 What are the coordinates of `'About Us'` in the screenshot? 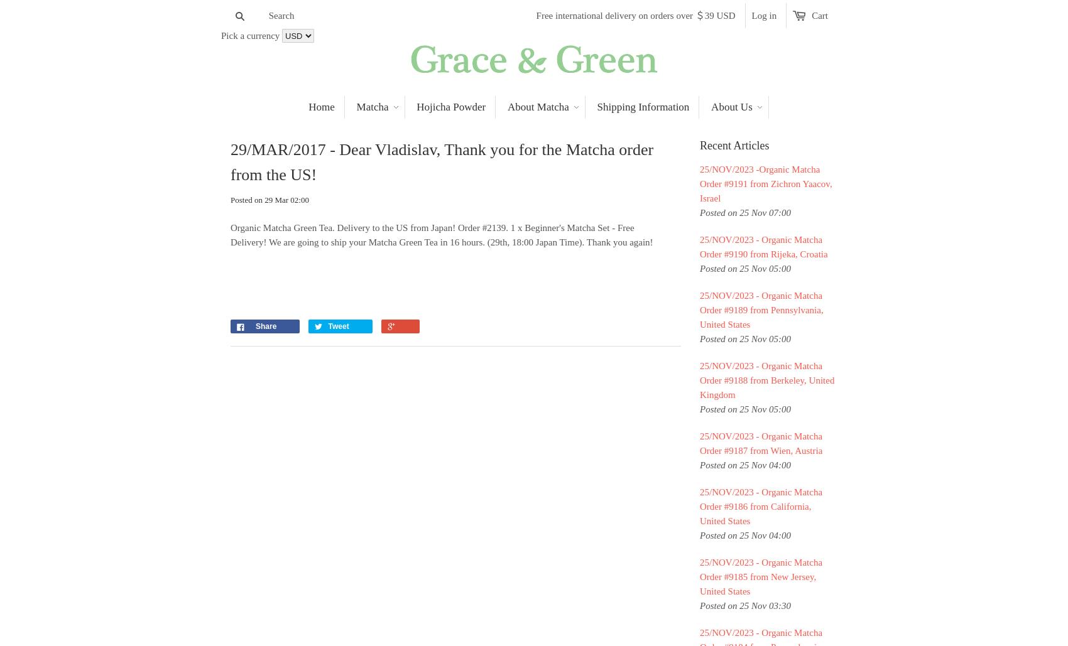 It's located at (731, 107).